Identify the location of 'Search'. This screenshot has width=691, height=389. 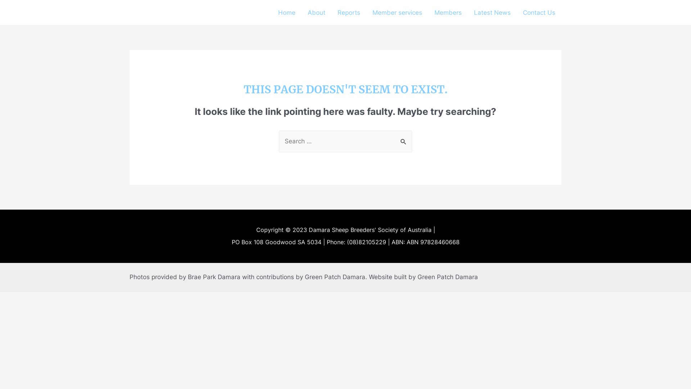
(404, 138).